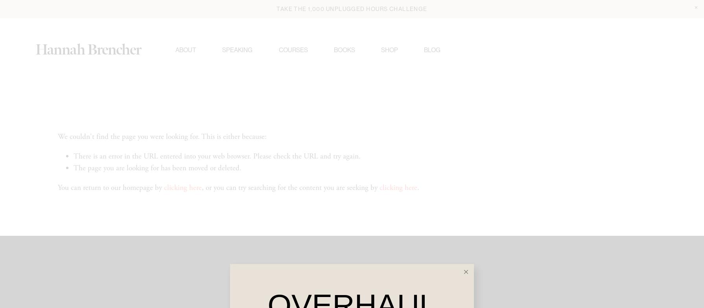 This screenshot has width=704, height=308. Describe the element at coordinates (111, 190) in the screenshot. I see `'You can return to our homepage by'` at that location.